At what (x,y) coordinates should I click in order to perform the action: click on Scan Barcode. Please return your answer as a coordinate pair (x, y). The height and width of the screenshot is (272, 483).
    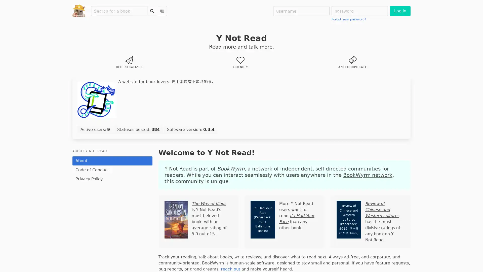
    Looking at the image, I should click on (162, 11).